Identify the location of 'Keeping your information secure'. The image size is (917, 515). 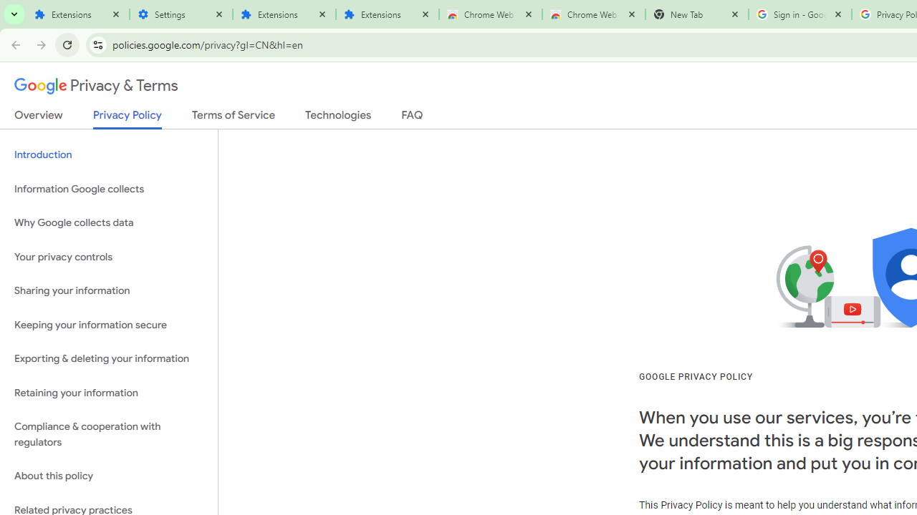
(108, 325).